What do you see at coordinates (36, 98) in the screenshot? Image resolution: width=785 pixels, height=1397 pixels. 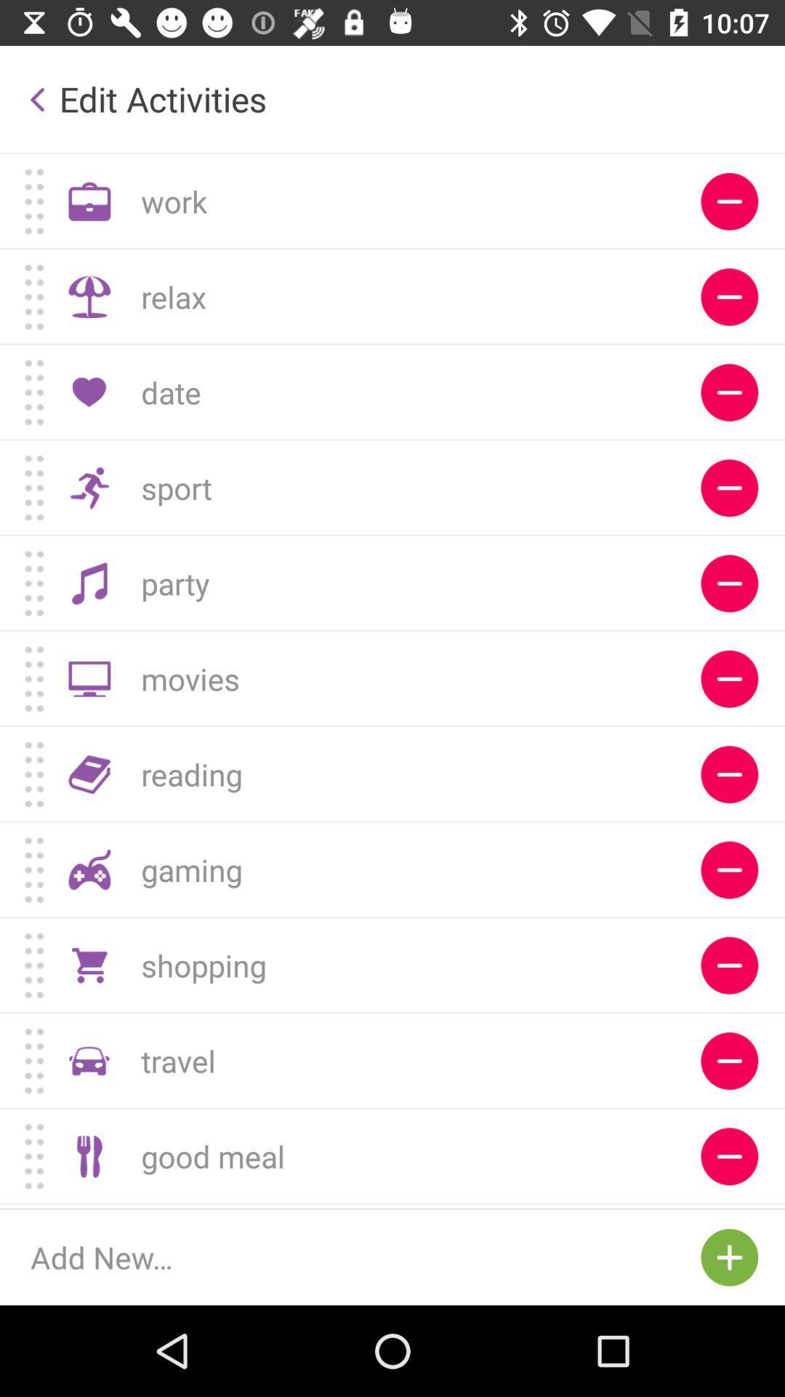 I see `the button which is left side of the edit activities` at bounding box center [36, 98].